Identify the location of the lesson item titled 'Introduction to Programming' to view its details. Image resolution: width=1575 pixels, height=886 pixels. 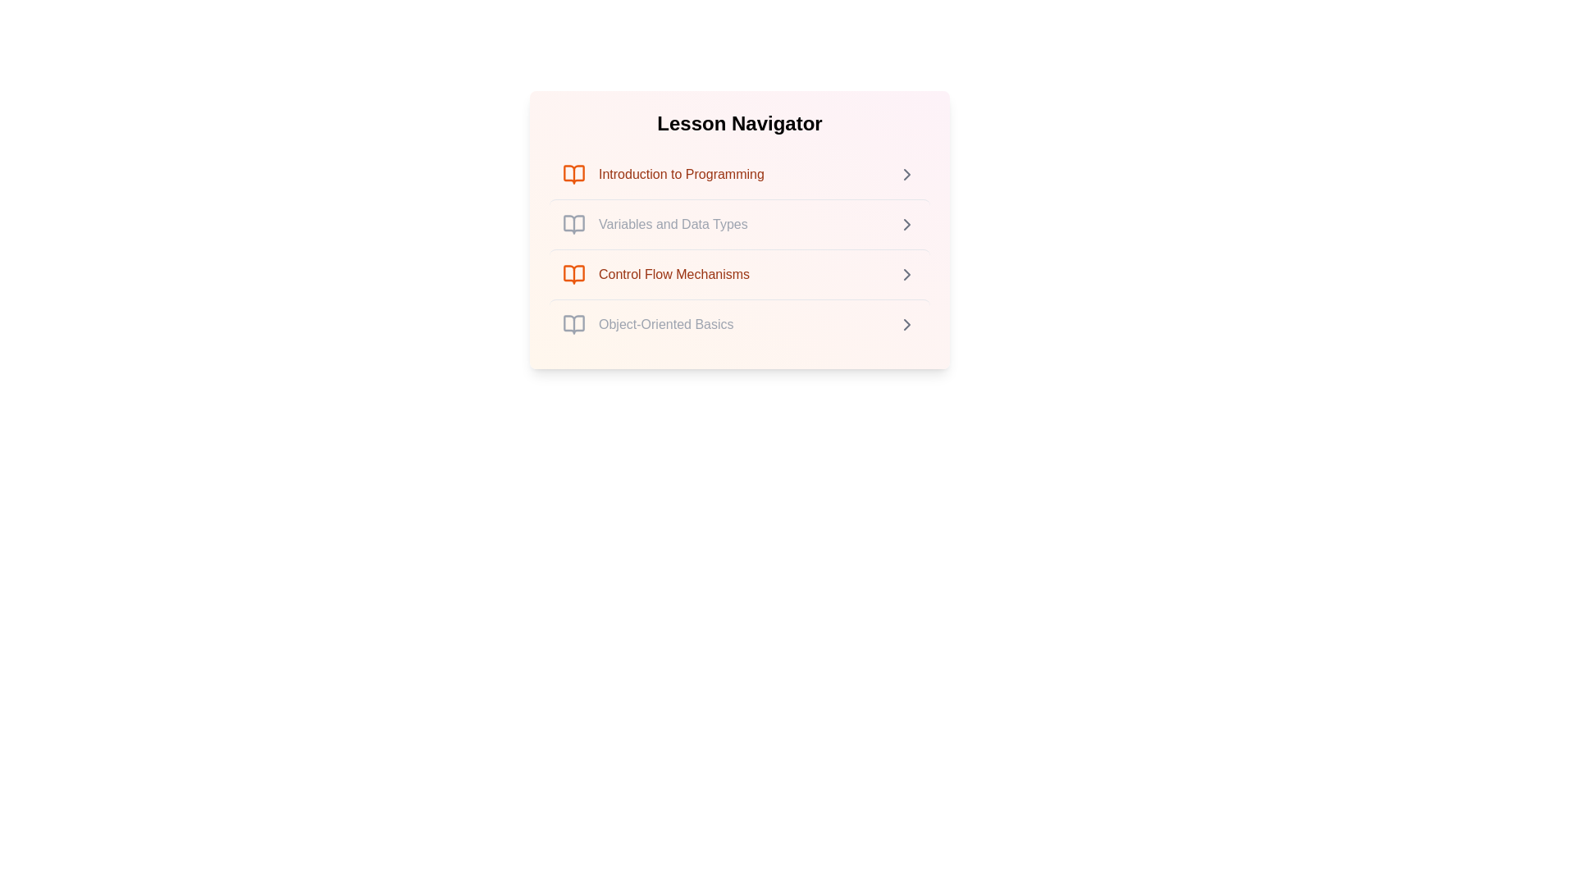
(739, 174).